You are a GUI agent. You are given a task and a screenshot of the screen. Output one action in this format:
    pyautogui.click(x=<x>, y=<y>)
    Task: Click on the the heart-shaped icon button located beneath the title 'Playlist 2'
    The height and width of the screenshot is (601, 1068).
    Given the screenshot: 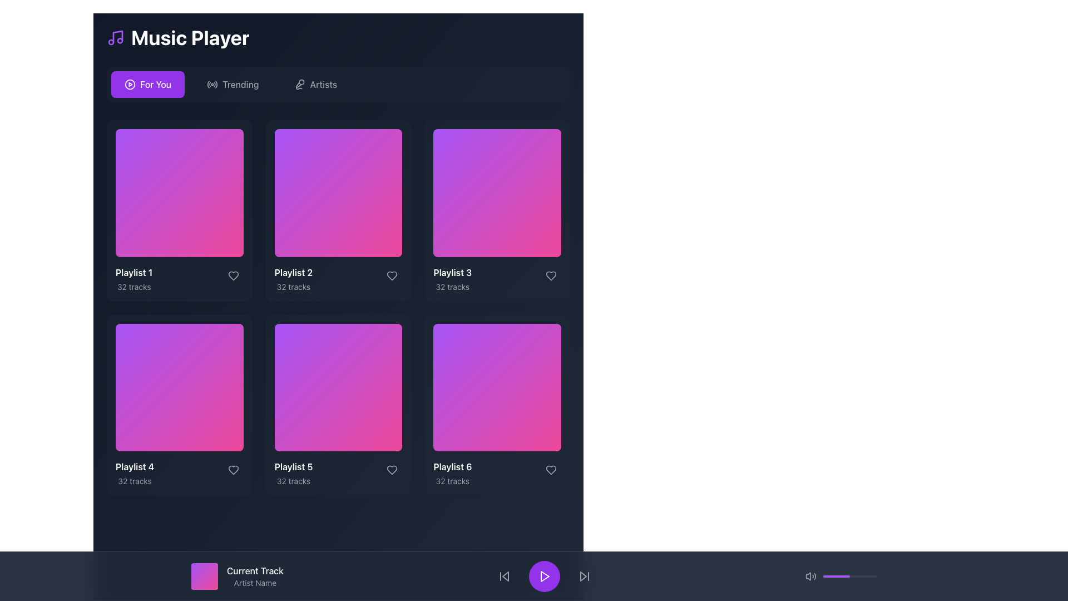 What is the action you would take?
    pyautogui.click(x=392, y=275)
    